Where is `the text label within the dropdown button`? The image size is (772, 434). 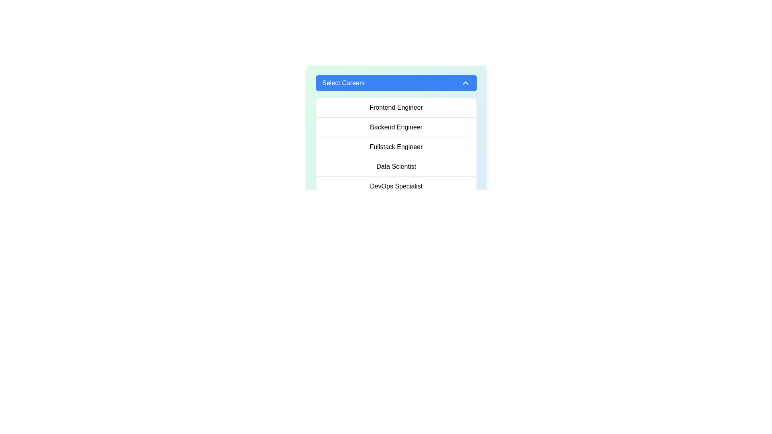 the text label within the dropdown button is located at coordinates (343, 83).